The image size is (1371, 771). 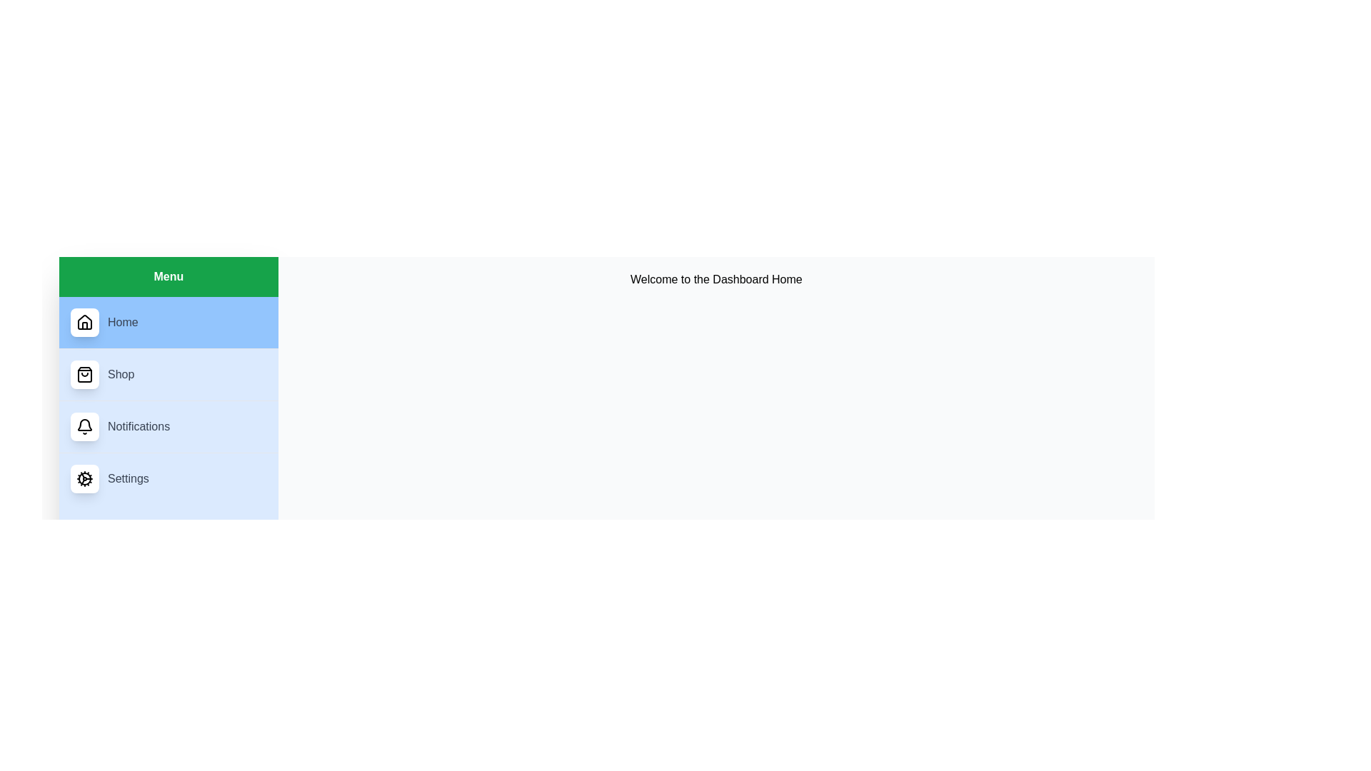 I want to click on the header of the menu to inspect its content, so click(x=169, y=277).